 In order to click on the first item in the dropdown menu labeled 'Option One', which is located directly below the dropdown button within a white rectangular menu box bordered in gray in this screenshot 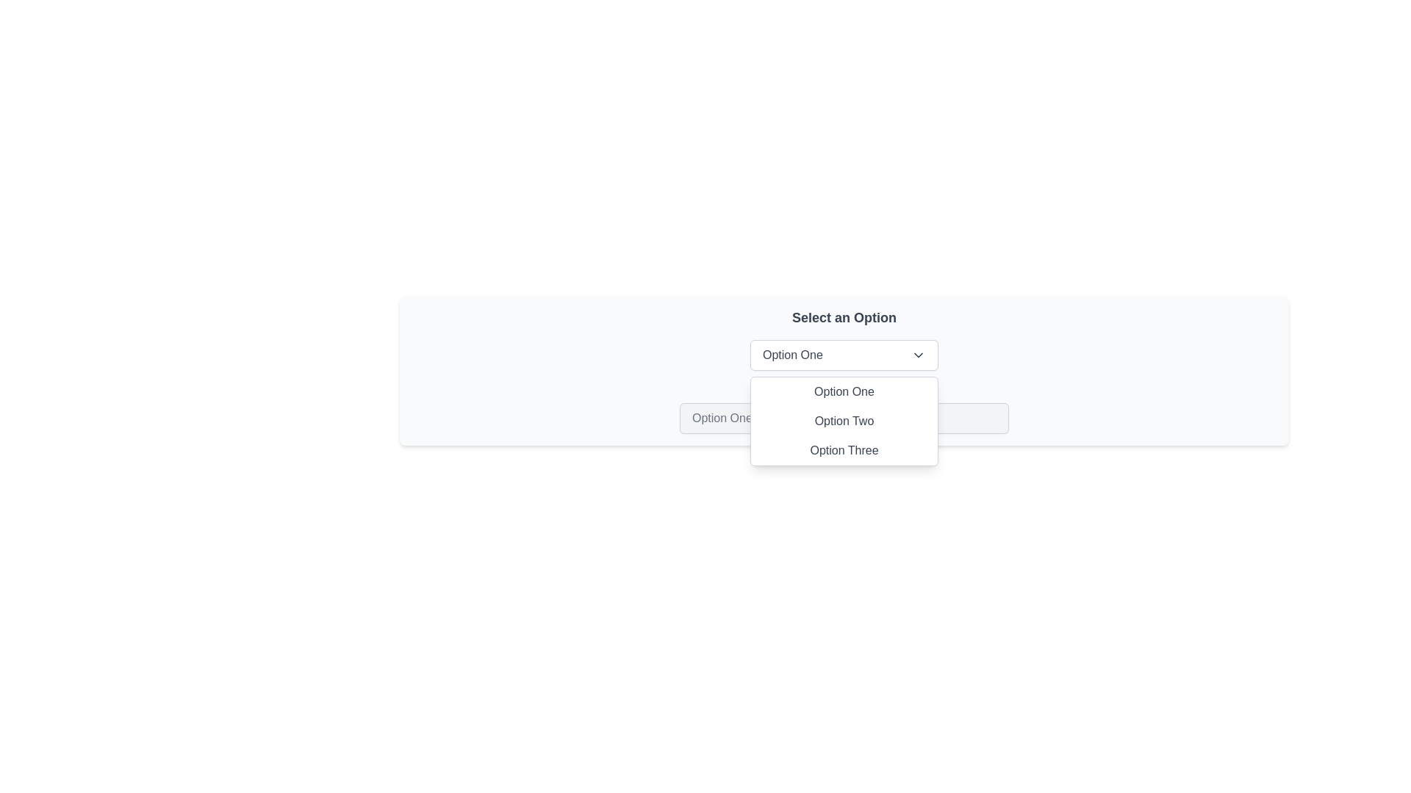, I will do `click(844, 391)`.